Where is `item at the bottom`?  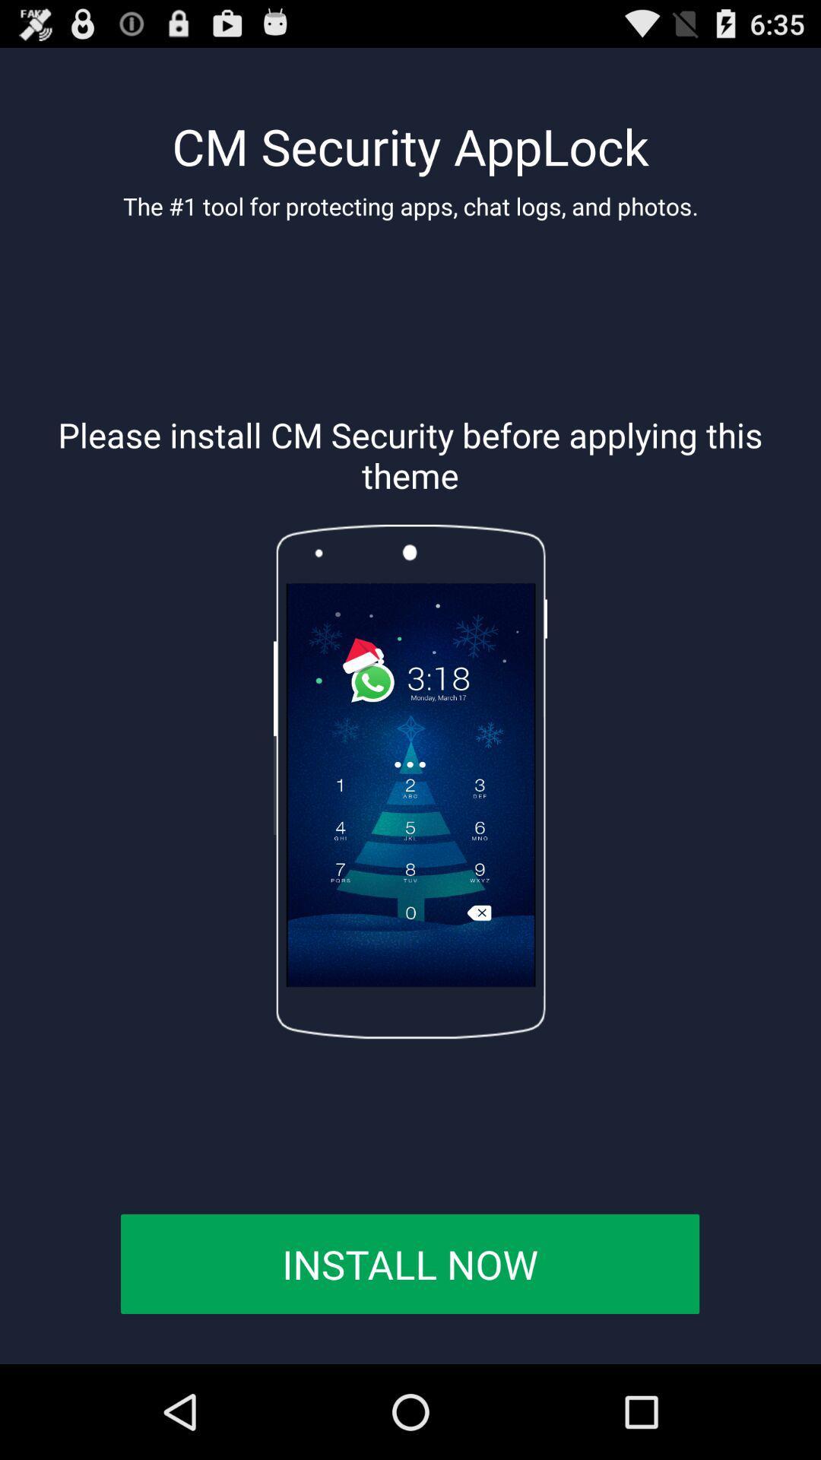 item at the bottom is located at coordinates (409, 1264).